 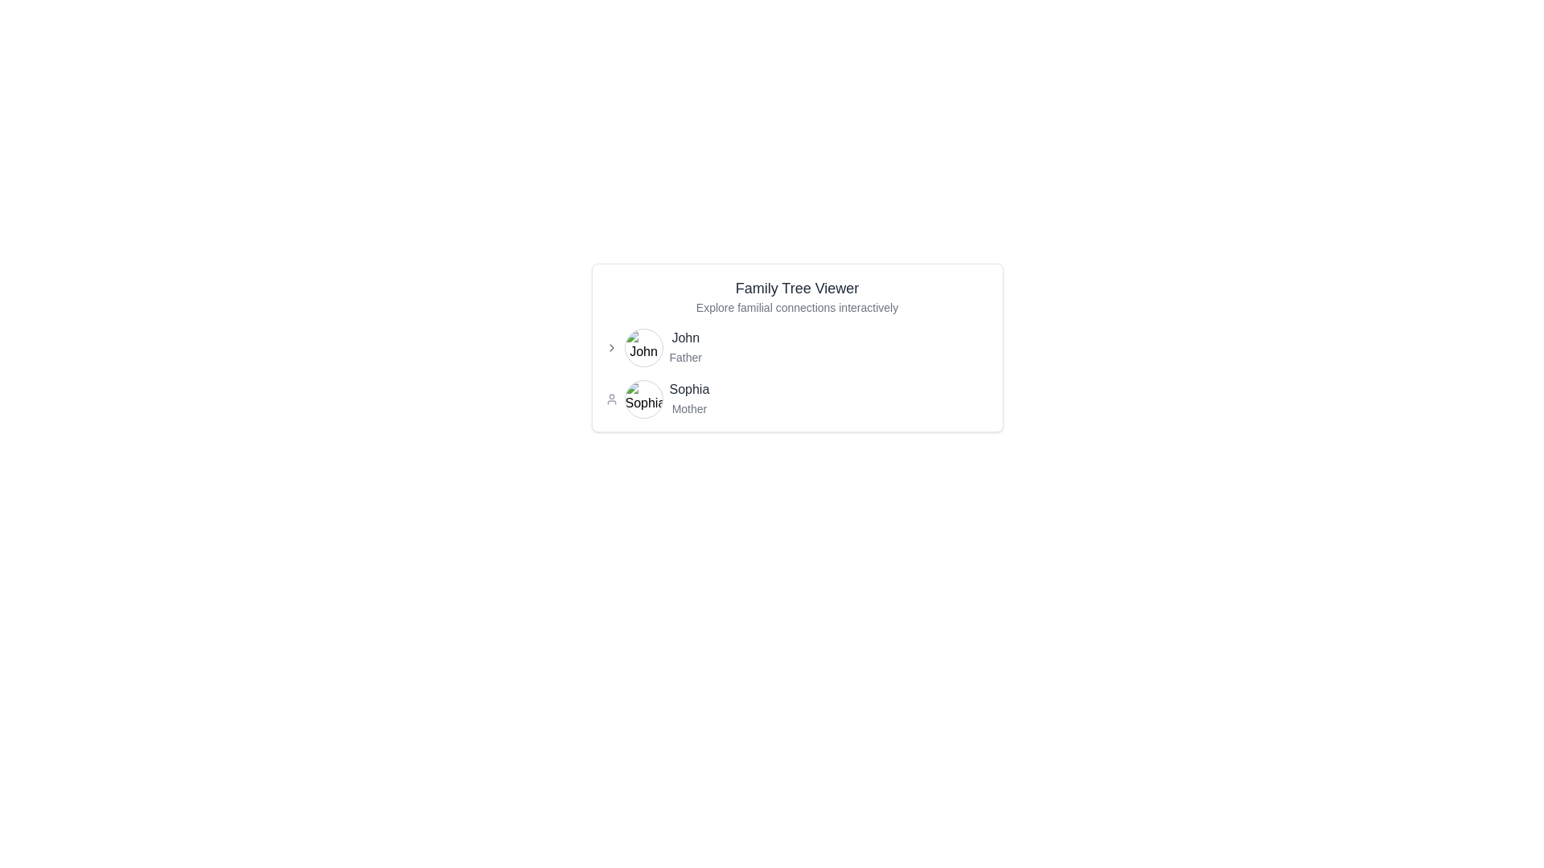 What do you see at coordinates (797, 399) in the screenshot?
I see `the Information display for 'Sophia', which shows her as 'Mother' in the family tree view, positioned below 'John' (Father)` at bounding box center [797, 399].